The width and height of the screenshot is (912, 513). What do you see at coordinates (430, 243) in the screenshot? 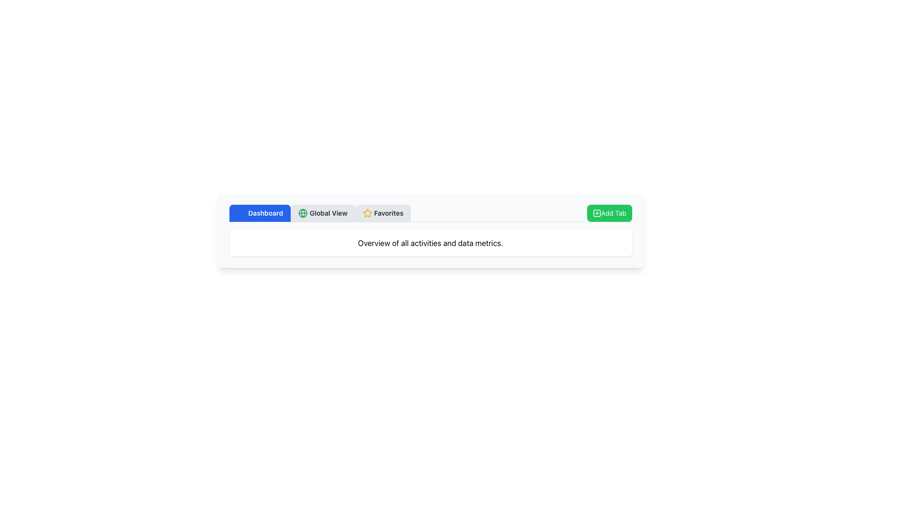
I see `the Text block which serves as a summary or introduction of the displayed activities and data metrics, located below the navigation options and the 'Add Tab' button` at bounding box center [430, 243].